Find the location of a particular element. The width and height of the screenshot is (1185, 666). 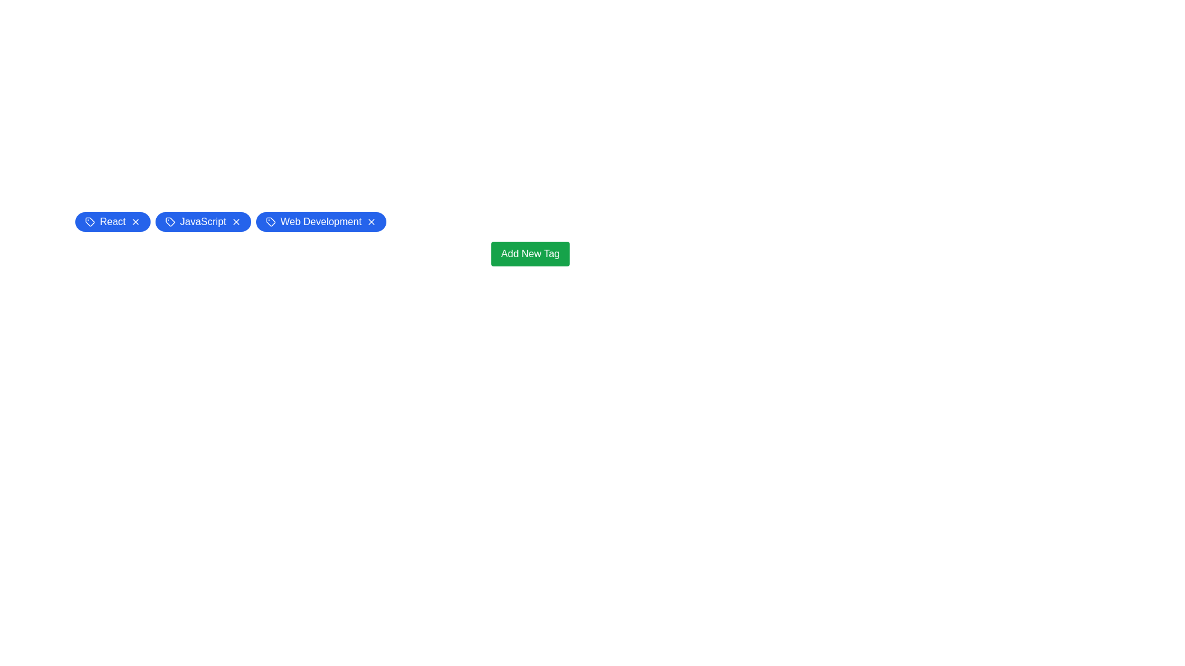

the close button of the tag labeled 'JavaScript' to remove it is located at coordinates (236, 221).